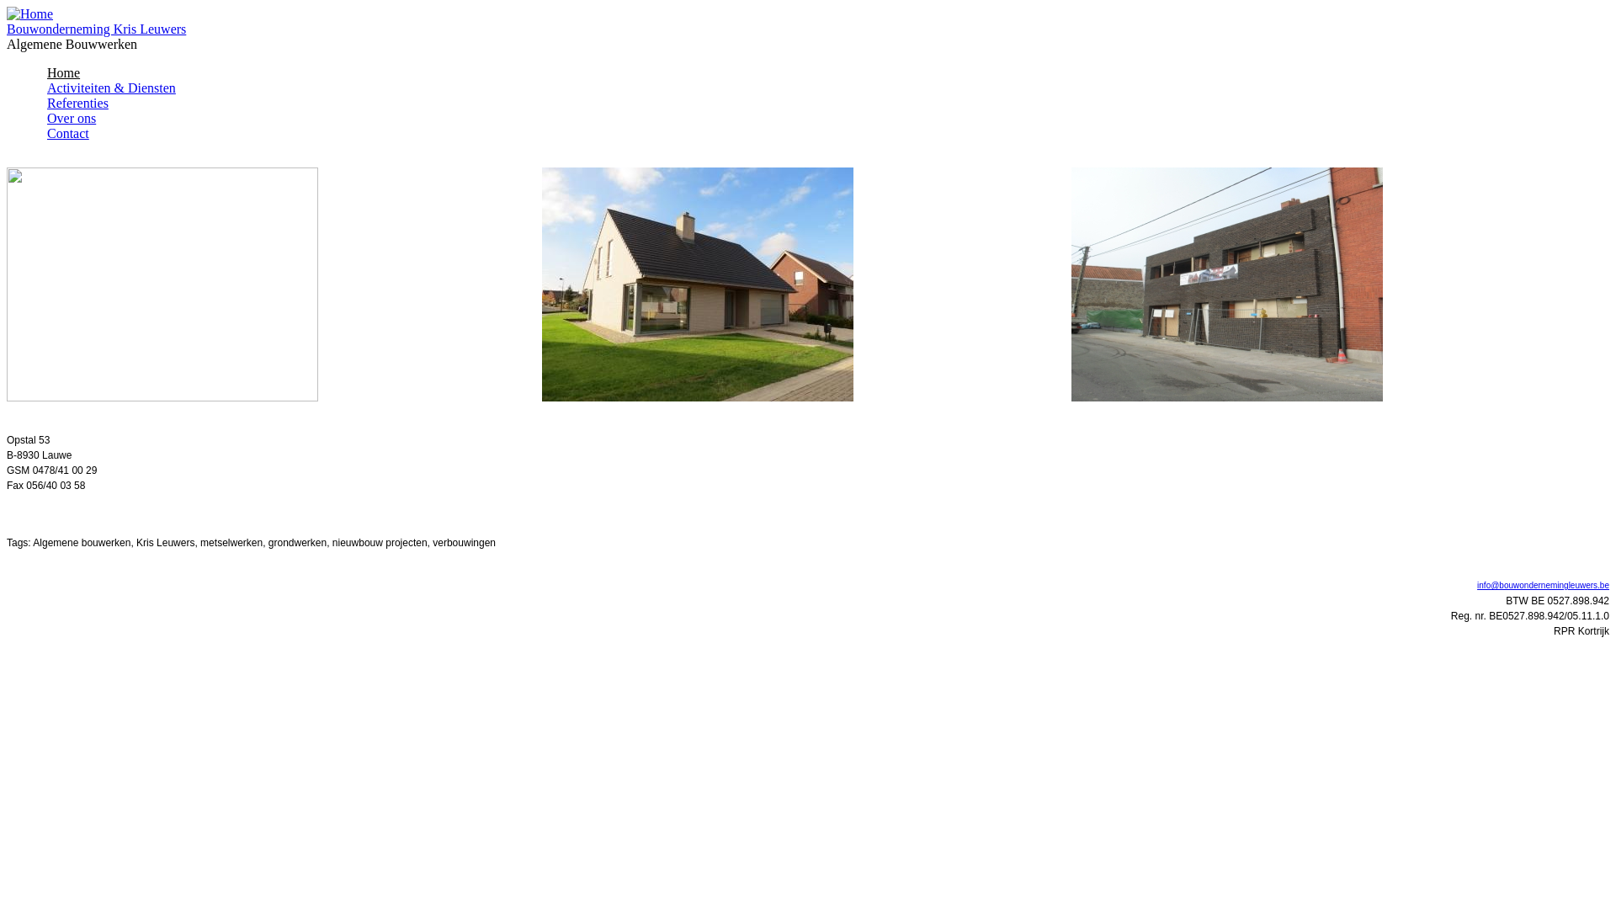 This screenshot has width=1616, height=909. What do you see at coordinates (95, 29) in the screenshot?
I see `'Bouwonderneming Kris Leuwers'` at bounding box center [95, 29].